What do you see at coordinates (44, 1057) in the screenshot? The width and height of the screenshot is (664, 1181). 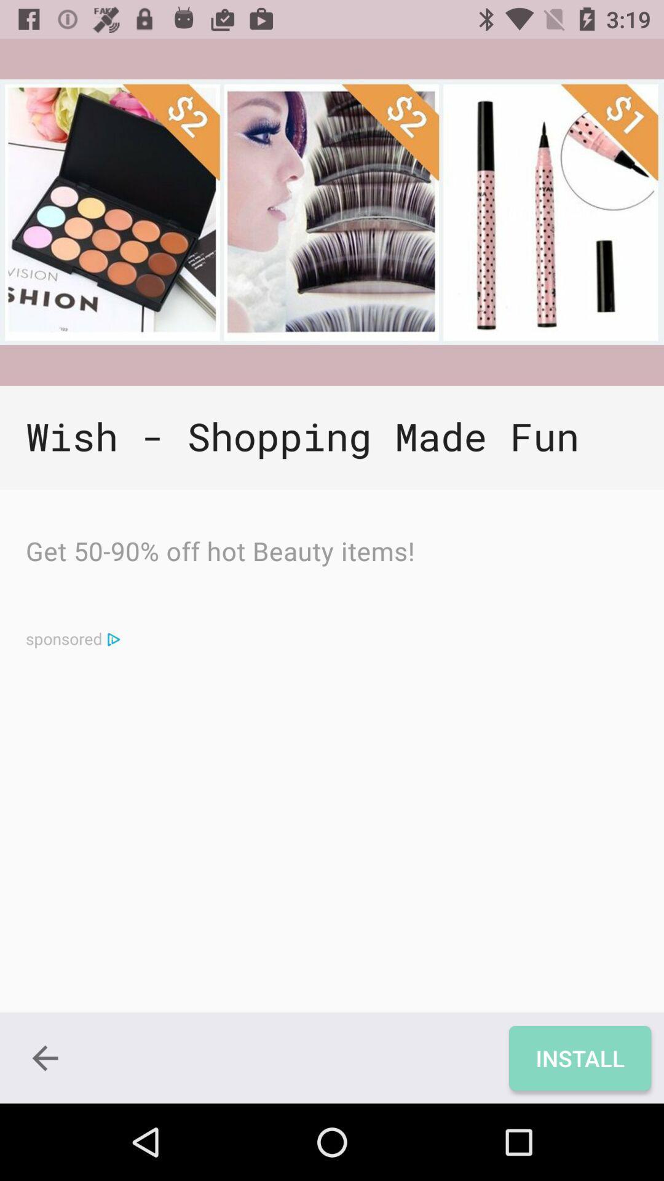 I see `icon next to the install icon` at bounding box center [44, 1057].